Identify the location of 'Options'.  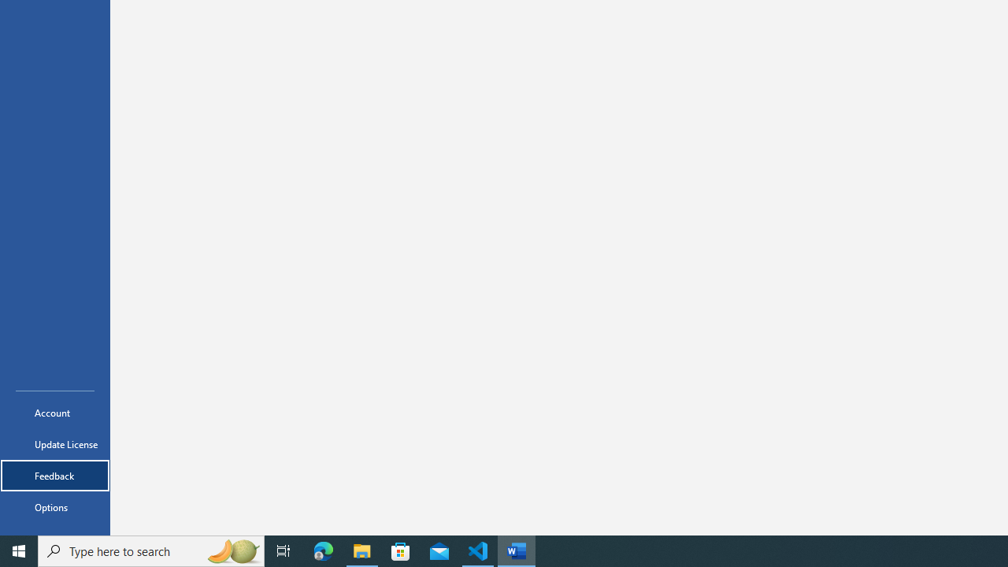
(54, 507).